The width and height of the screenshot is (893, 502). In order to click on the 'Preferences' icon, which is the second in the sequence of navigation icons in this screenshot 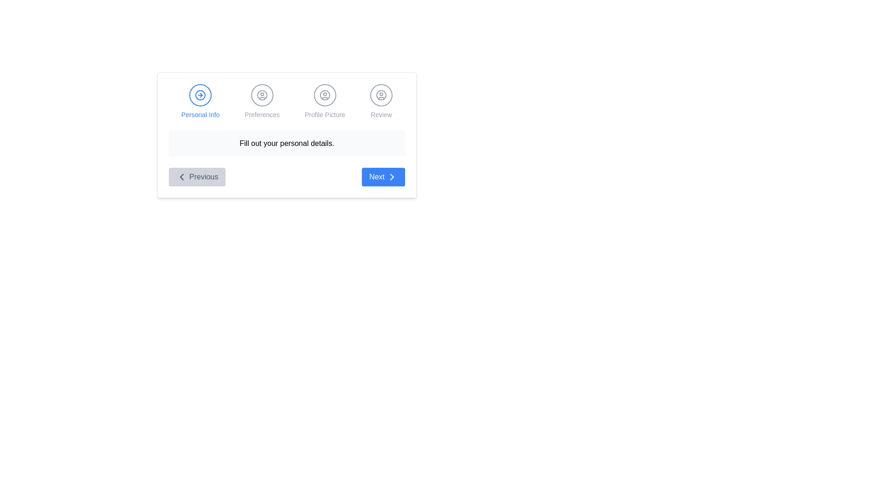, I will do `click(261, 95)`.